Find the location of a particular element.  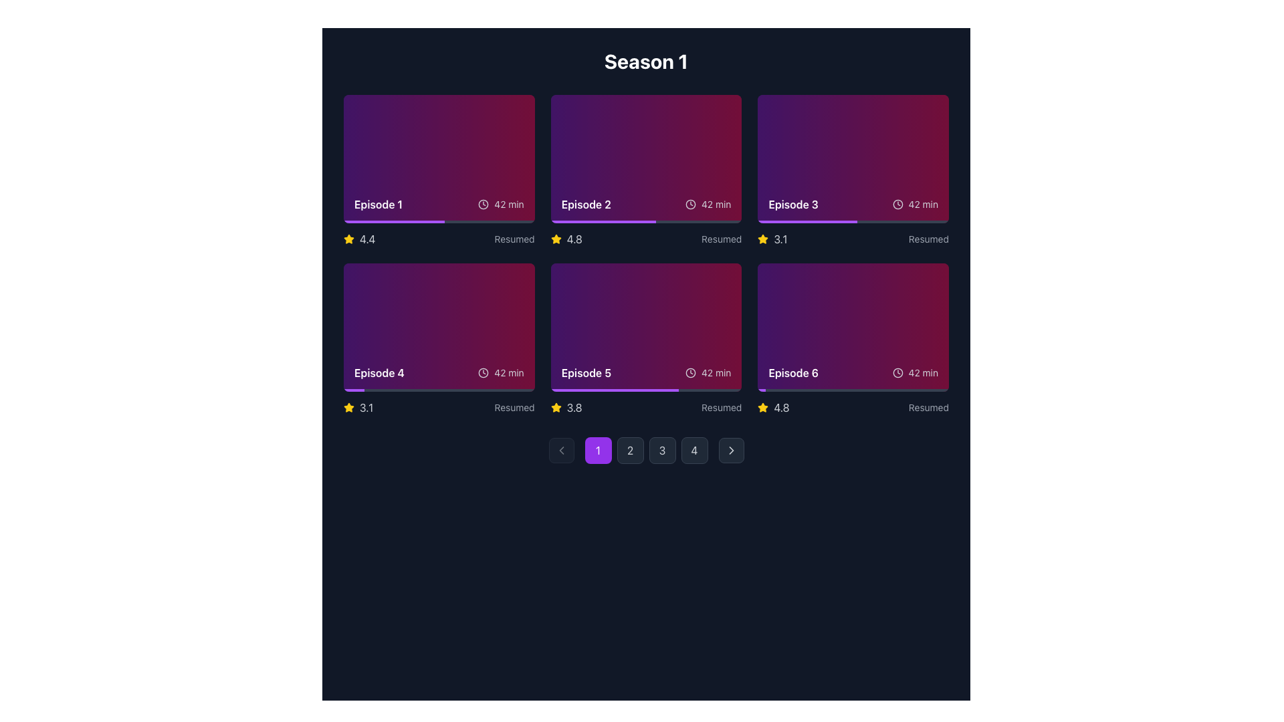

the leftmost navigation button, which has a bold purple background and contains the text '1' in white is located at coordinates (597, 451).